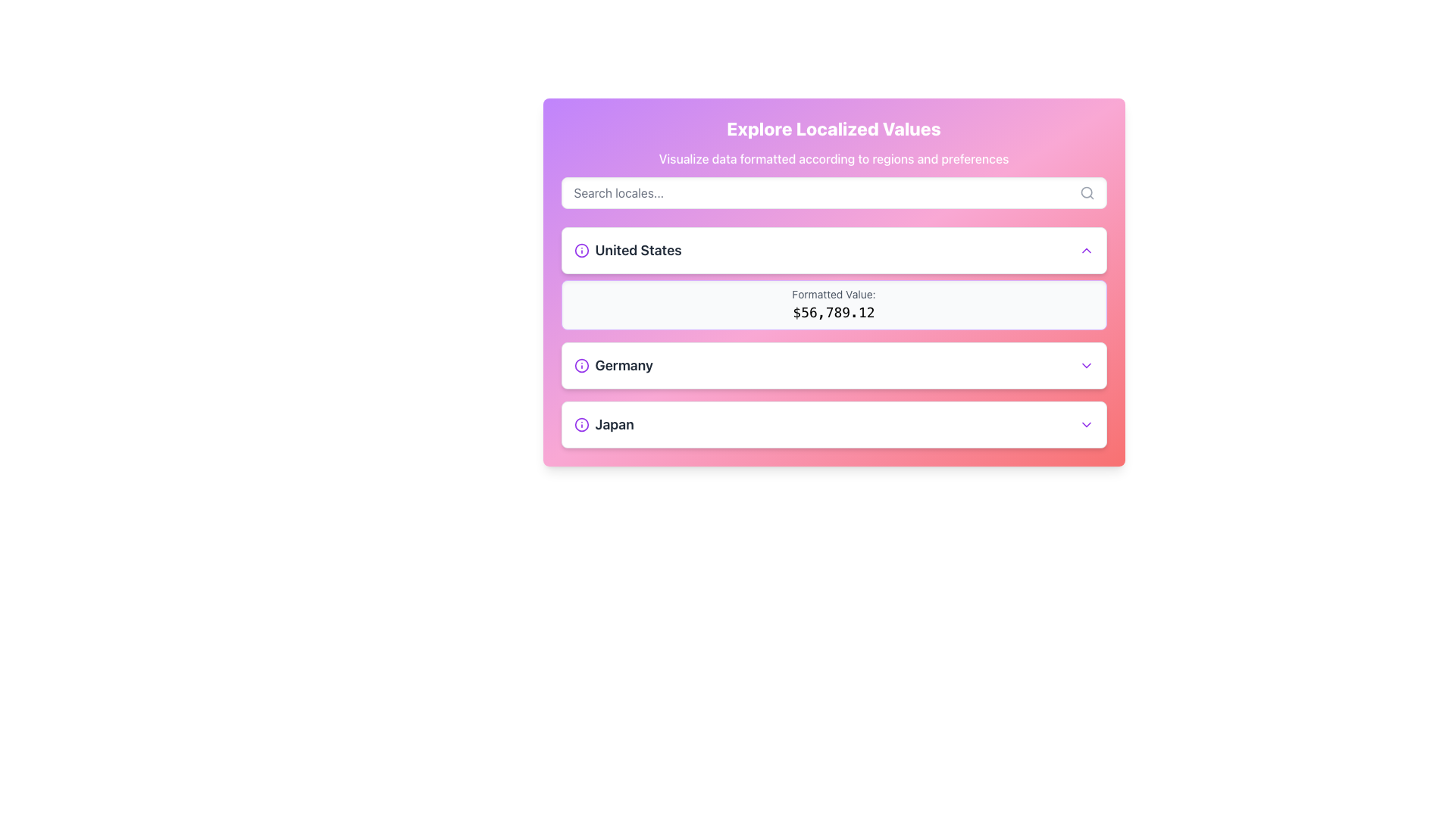  Describe the element at coordinates (580, 365) in the screenshot. I see `the circular icon with a purple border associated with the label 'Germany'` at that location.